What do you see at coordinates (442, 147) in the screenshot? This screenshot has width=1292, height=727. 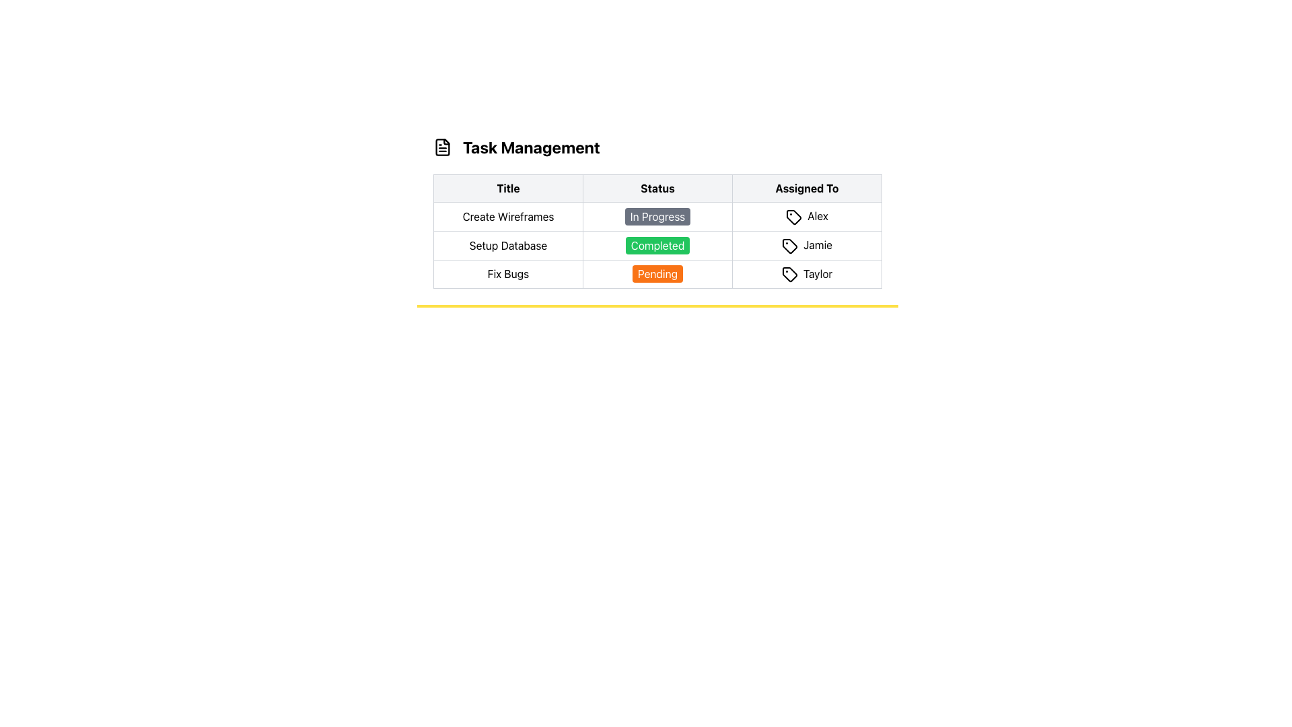 I see `the file icon located to the left of the text 'Task Management', which has a paper-like background and small textual indicators, resembling a document` at bounding box center [442, 147].